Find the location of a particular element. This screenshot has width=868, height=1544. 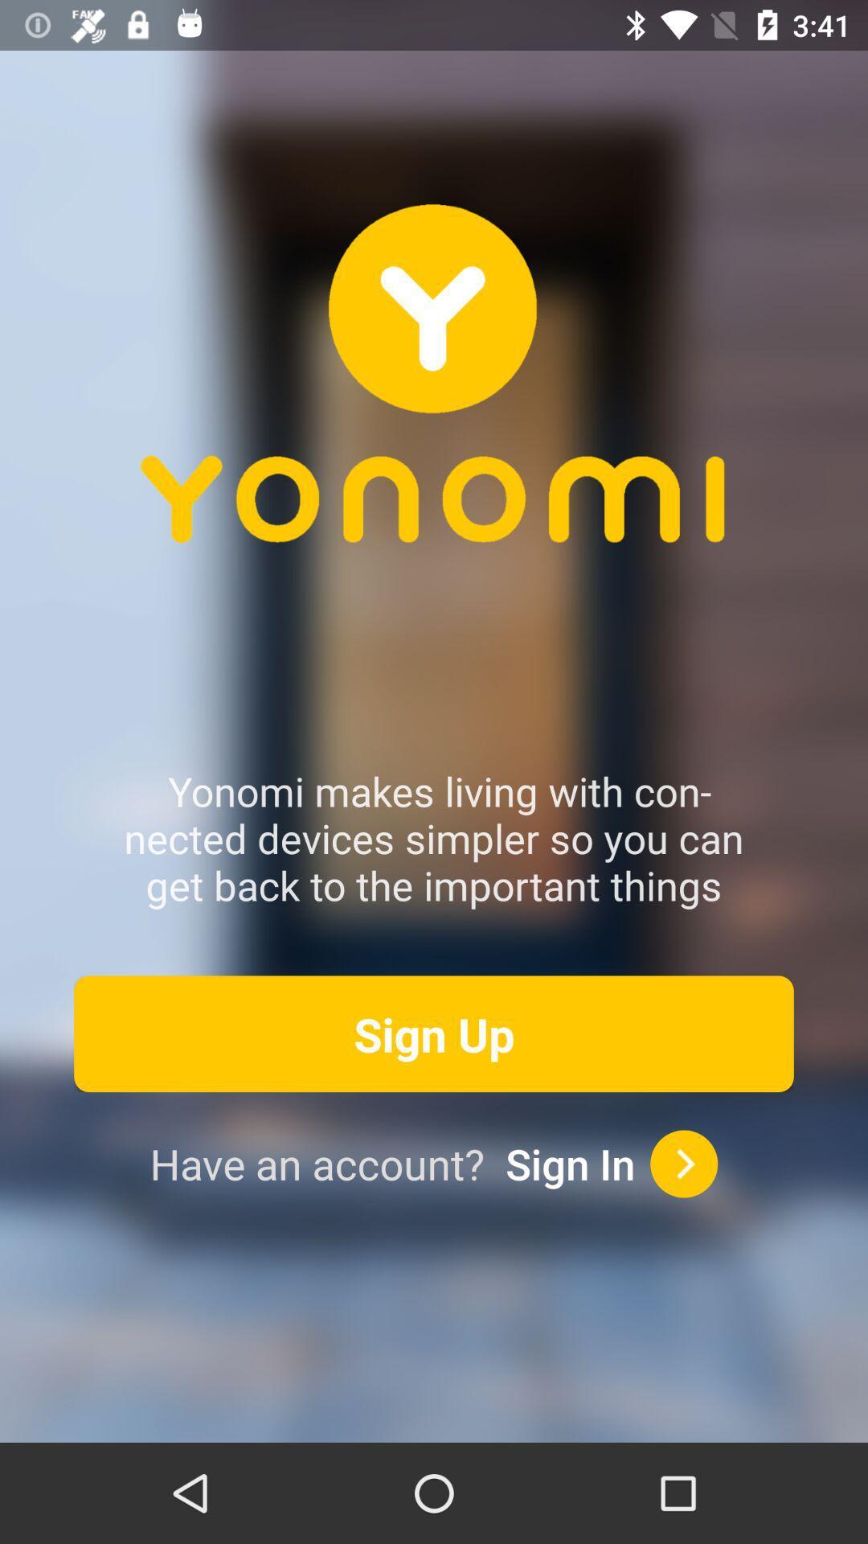

forward is located at coordinates (684, 1164).